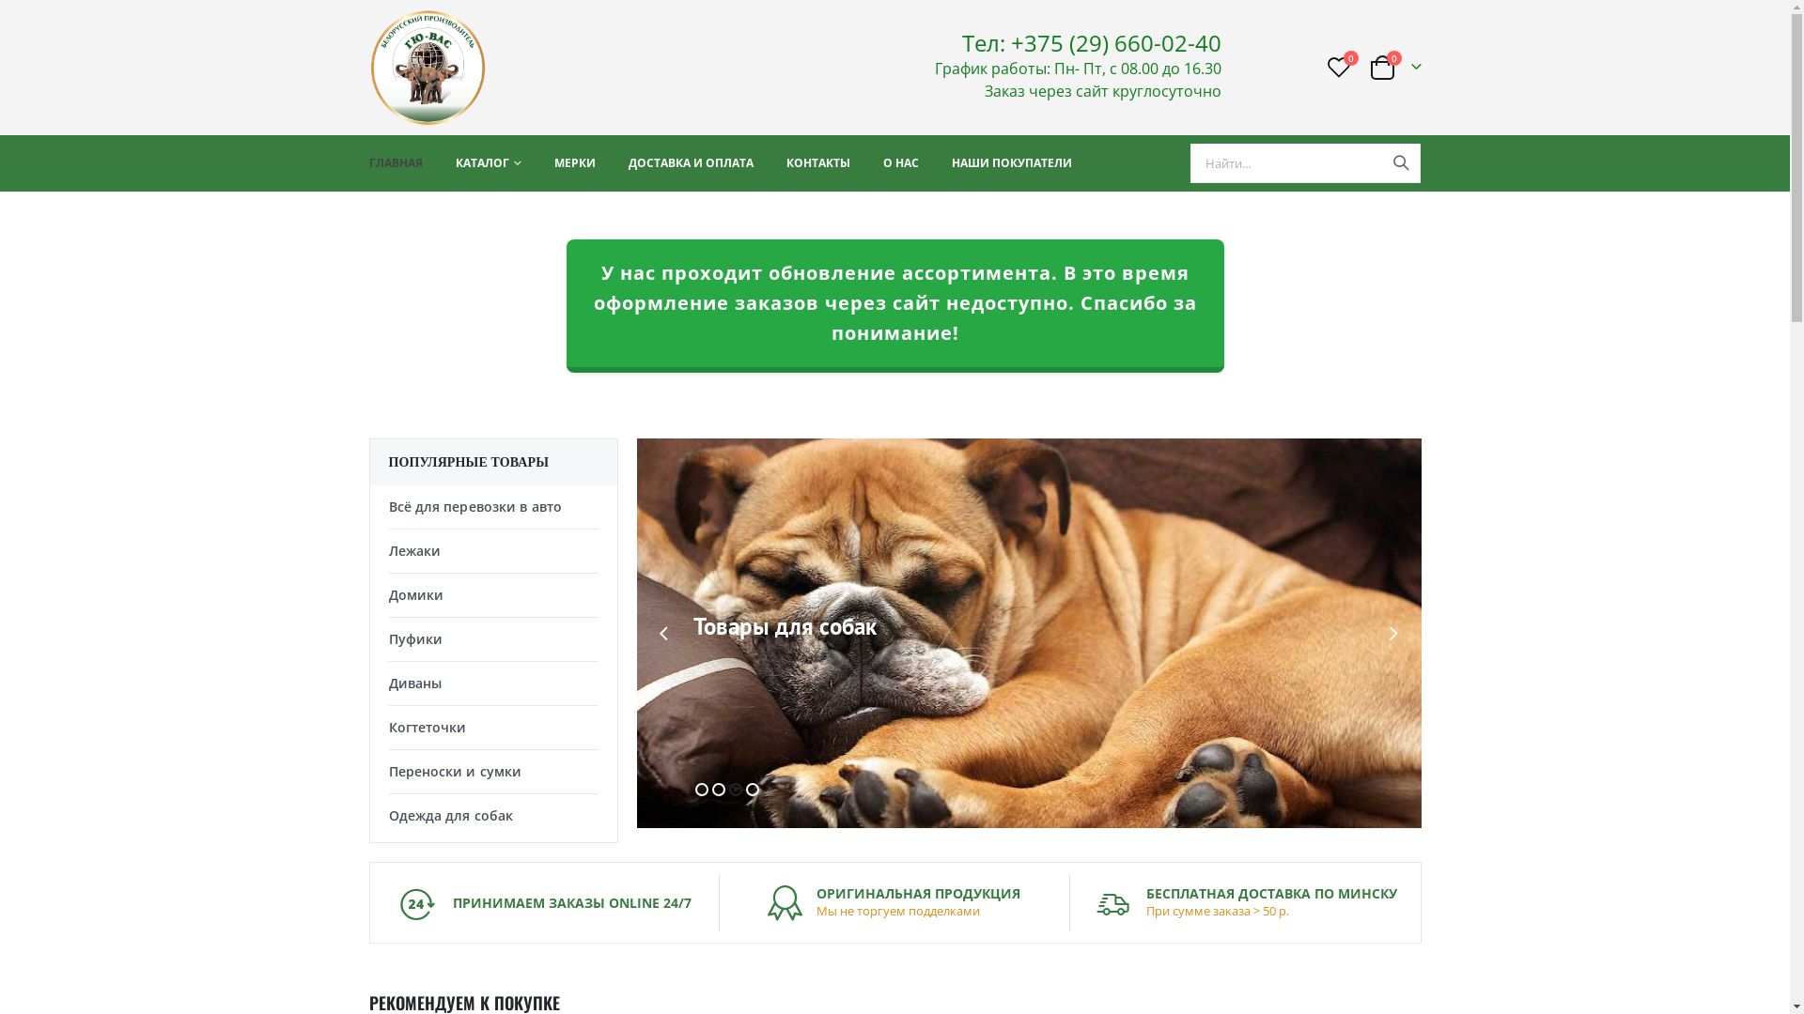 The width and height of the screenshot is (1804, 1014). What do you see at coordinates (1401, 161) in the screenshot?
I see `'Search'` at bounding box center [1401, 161].